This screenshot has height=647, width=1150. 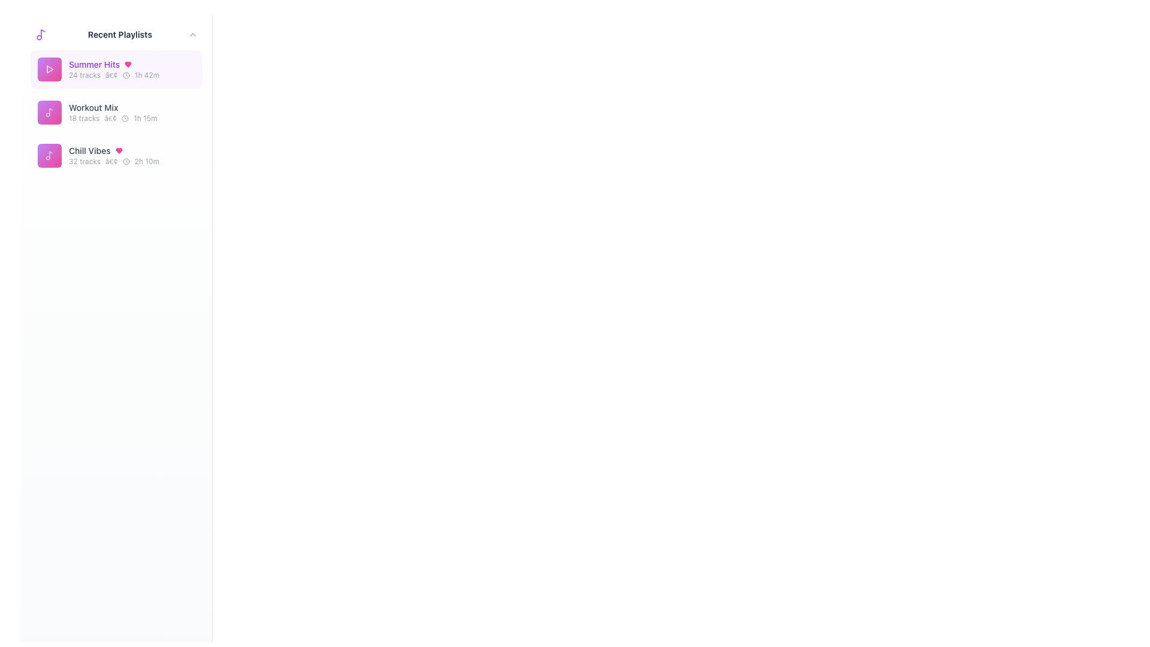 What do you see at coordinates (93, 108) in the screenshot?
I see `text from the 'Workout Mix' label, which is the second entry in the list of 'Recent Playlists', located on the left side of the interface` at bounding box center [93, 108].